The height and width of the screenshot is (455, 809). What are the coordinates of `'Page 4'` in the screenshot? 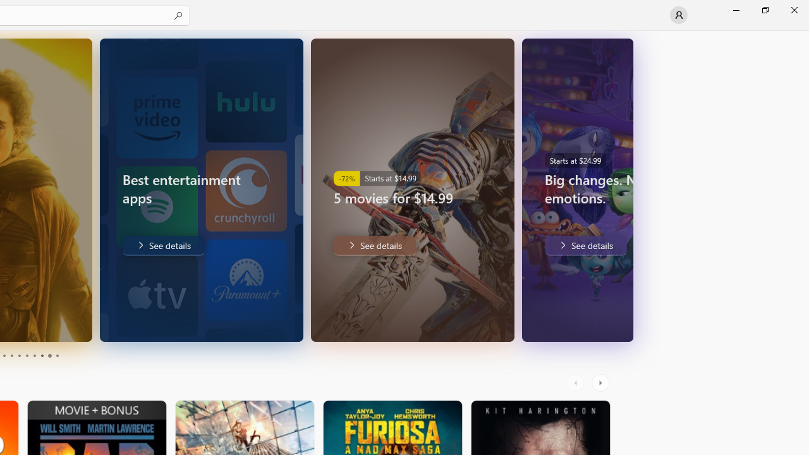 It's located at (11, 356).